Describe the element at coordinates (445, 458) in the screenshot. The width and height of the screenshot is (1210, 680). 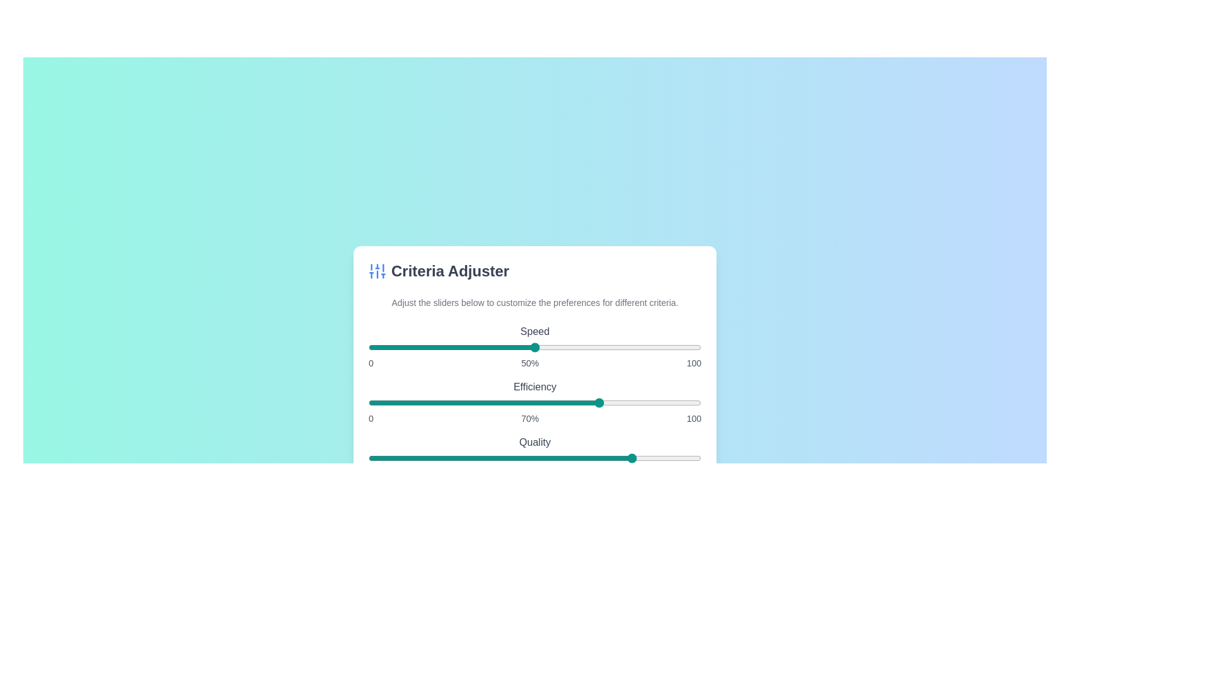
I see `the 'Quality' slider to set its value to 23` at that location.